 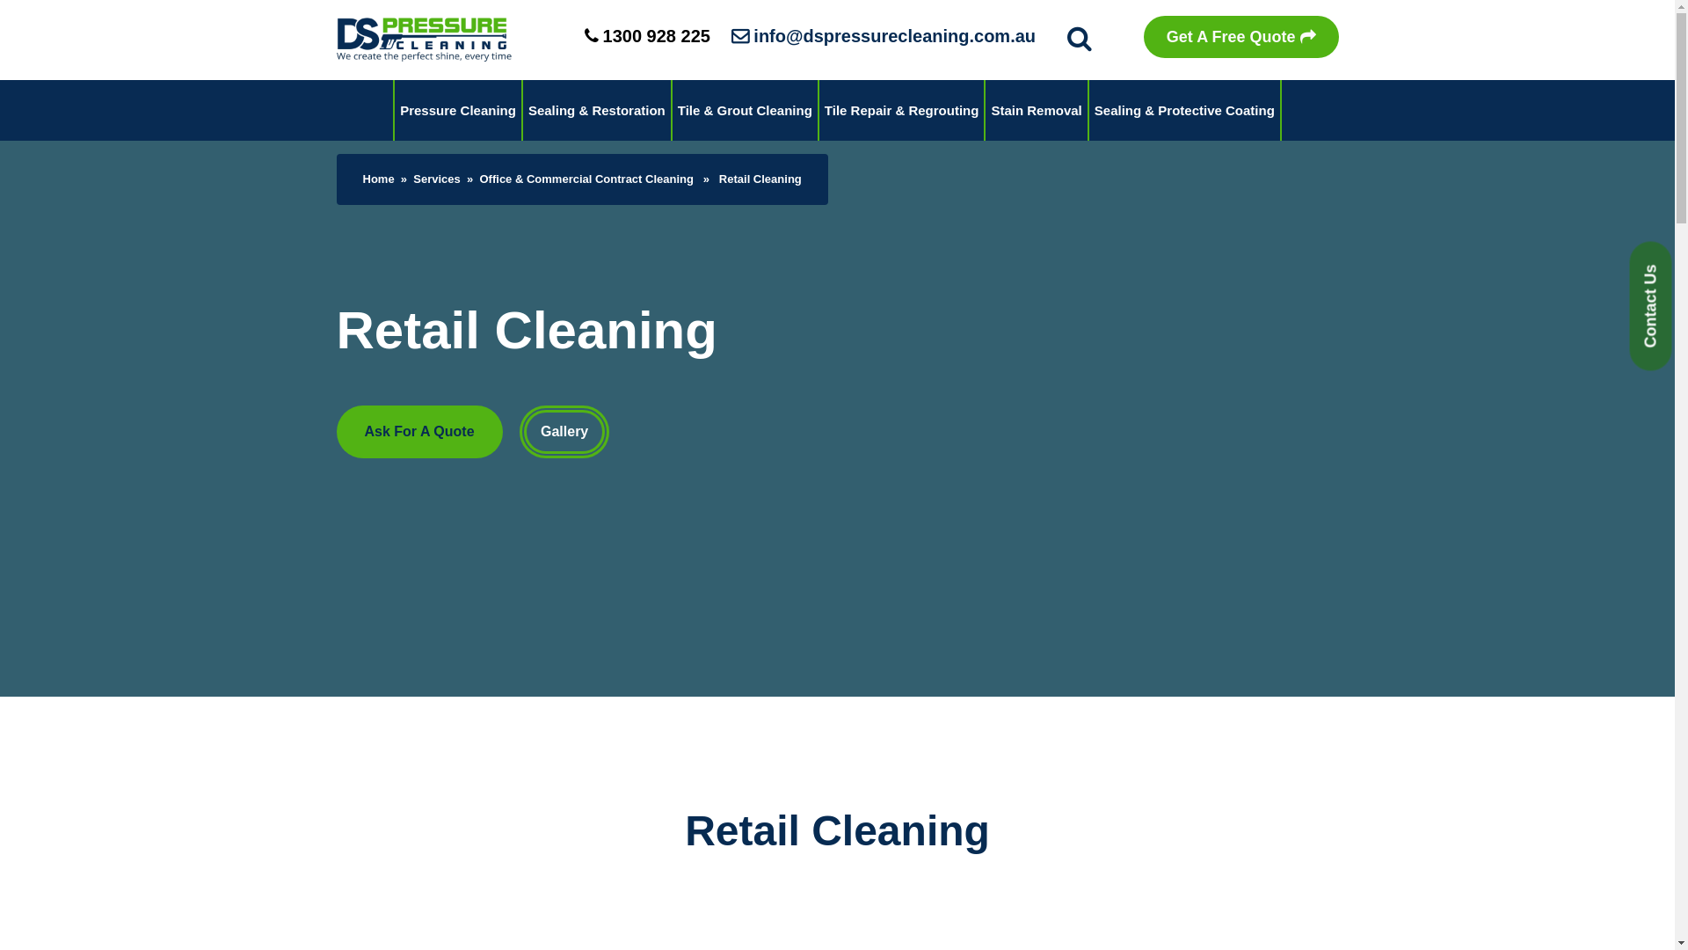 I want to click on 'Sealing & Protective Coating', so click(x=1088, y=110).